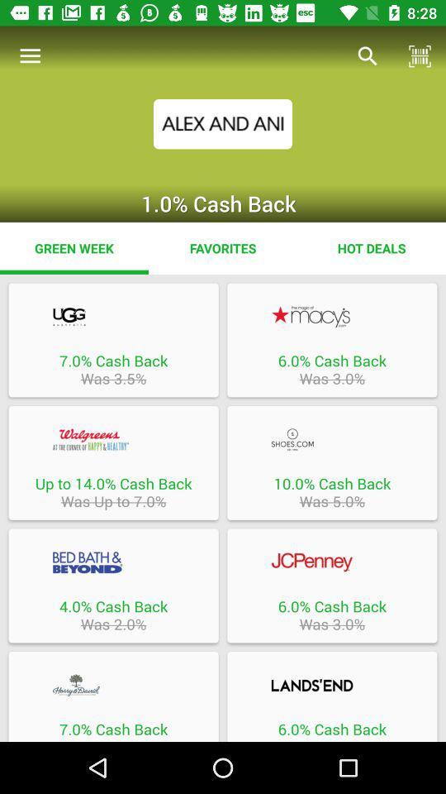  I want to click on the text which is above the 60 cash back, so click(332, 685).